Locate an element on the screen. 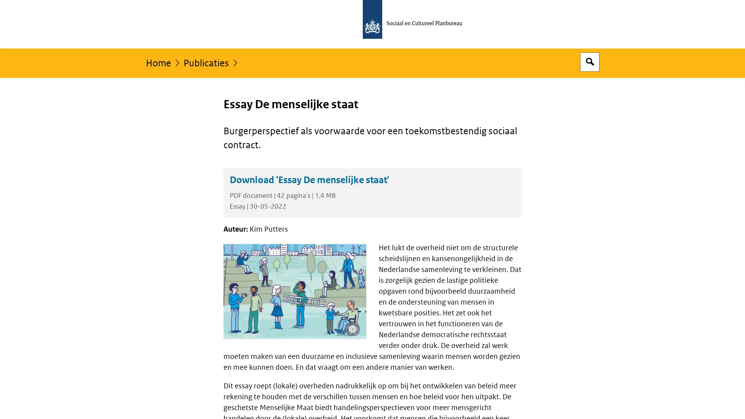  Open zoekveld is located at coordinates (590, 61).